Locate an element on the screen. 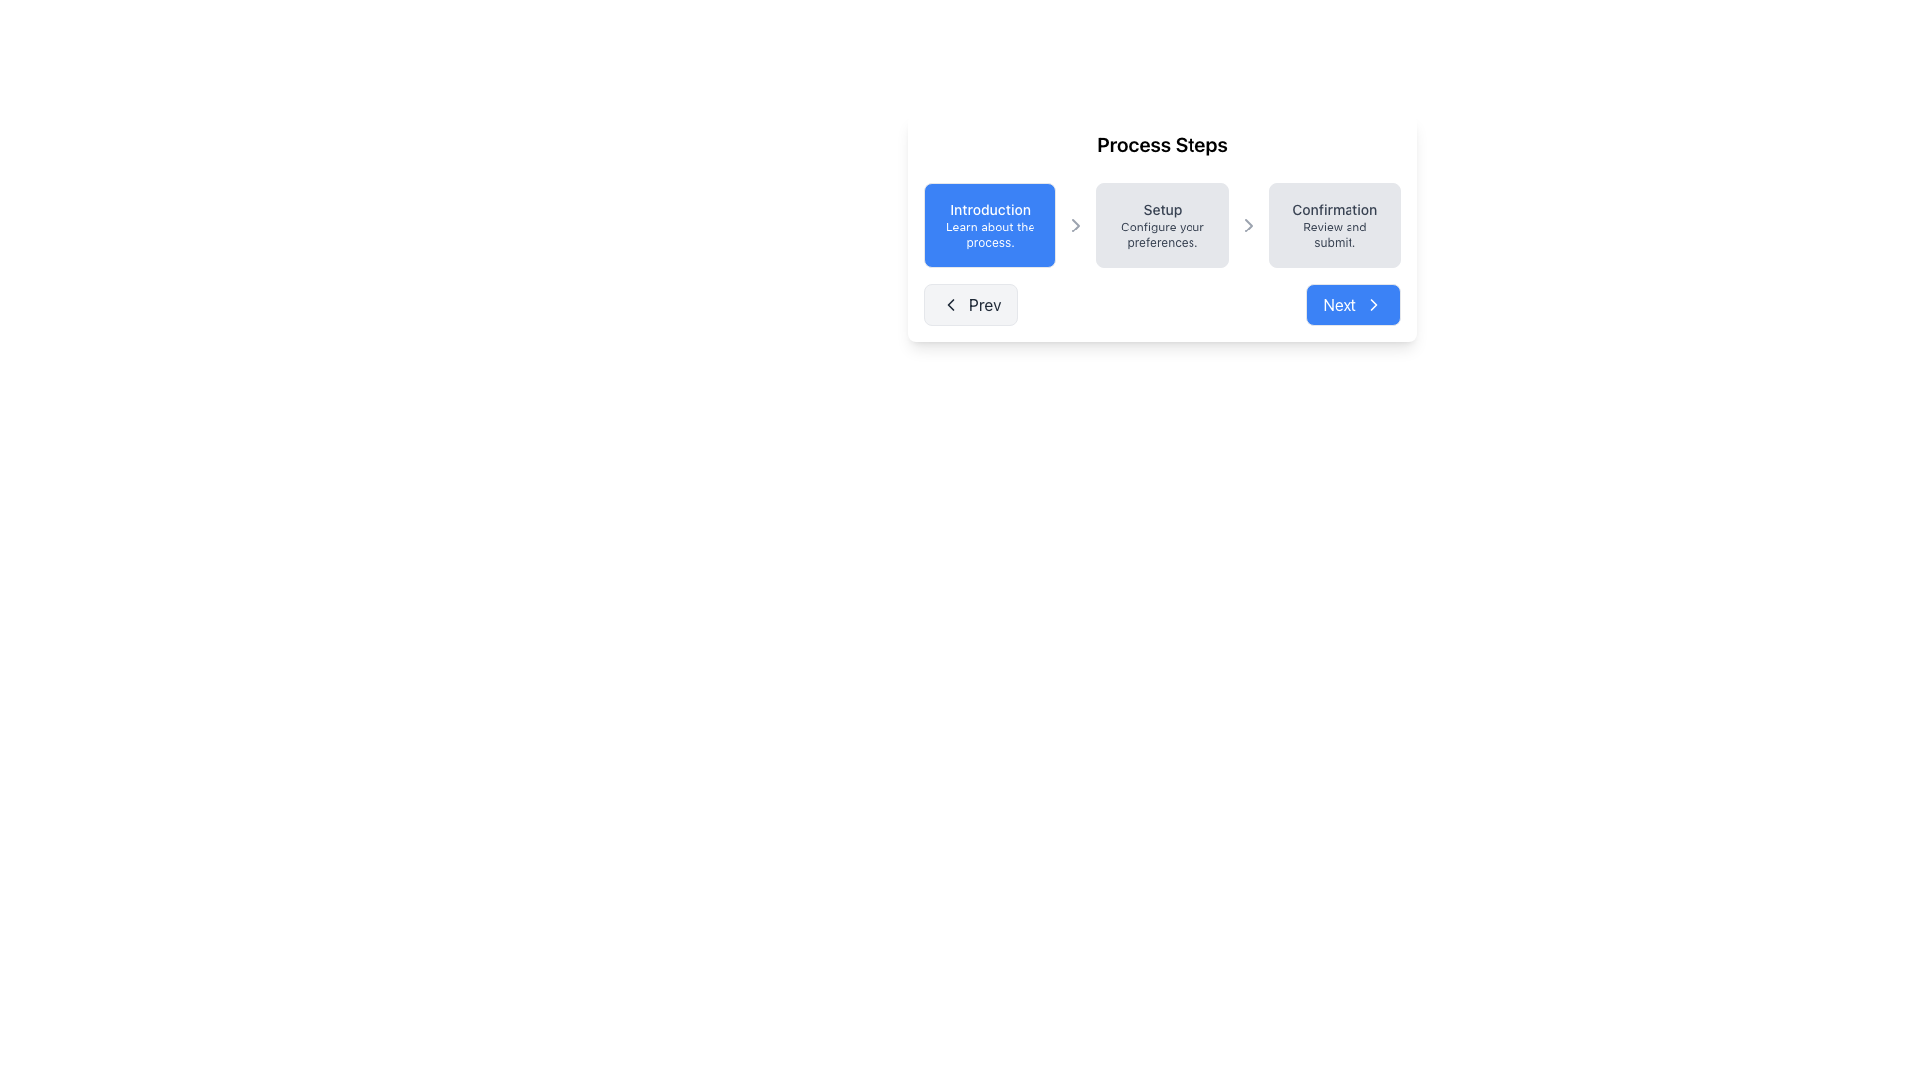 The image size is (1908, 1073). the small rightward arrow icon within the 'Next' button located at the lower-right corner of the 'Process Steps' dialog is located at coordinates (1372, 305).